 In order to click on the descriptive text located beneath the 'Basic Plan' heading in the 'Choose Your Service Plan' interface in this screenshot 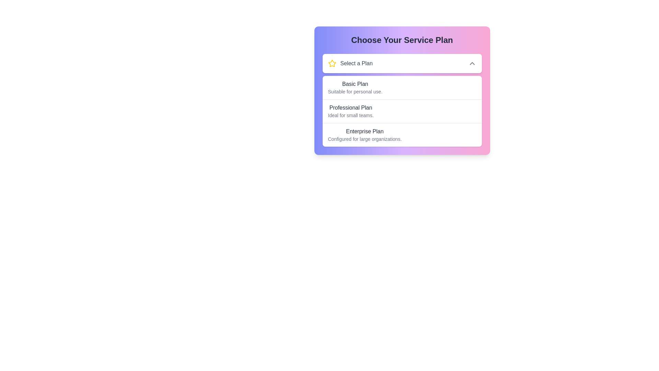, I will do `click(355, 91)`.